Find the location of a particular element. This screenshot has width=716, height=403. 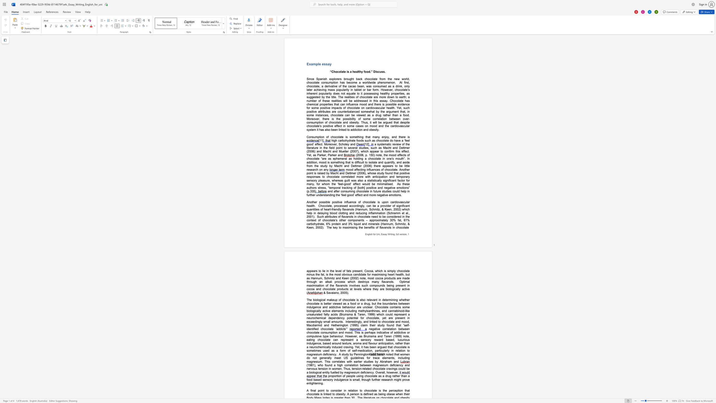

the 6th character "h" in the text is located at coordinates (330, 274).